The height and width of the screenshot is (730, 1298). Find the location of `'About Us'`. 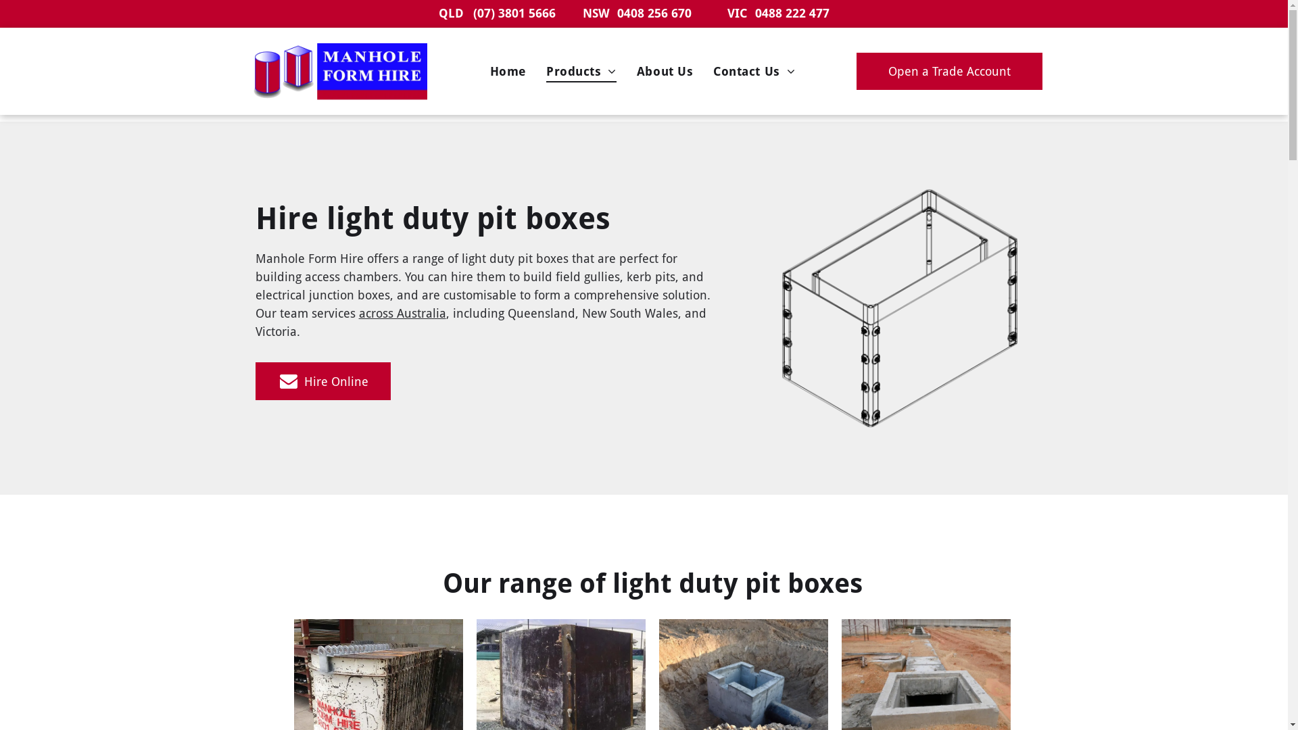

'About Us' is located at coordinates (665, 71).